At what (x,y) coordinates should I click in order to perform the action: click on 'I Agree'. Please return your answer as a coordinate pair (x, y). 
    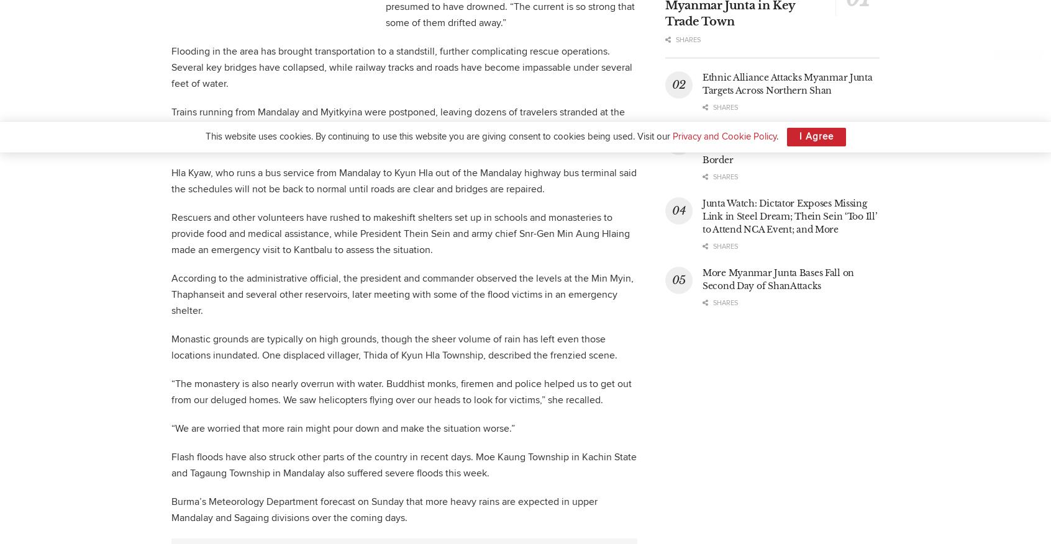
    Looking at the image, I should click on (815, 136).